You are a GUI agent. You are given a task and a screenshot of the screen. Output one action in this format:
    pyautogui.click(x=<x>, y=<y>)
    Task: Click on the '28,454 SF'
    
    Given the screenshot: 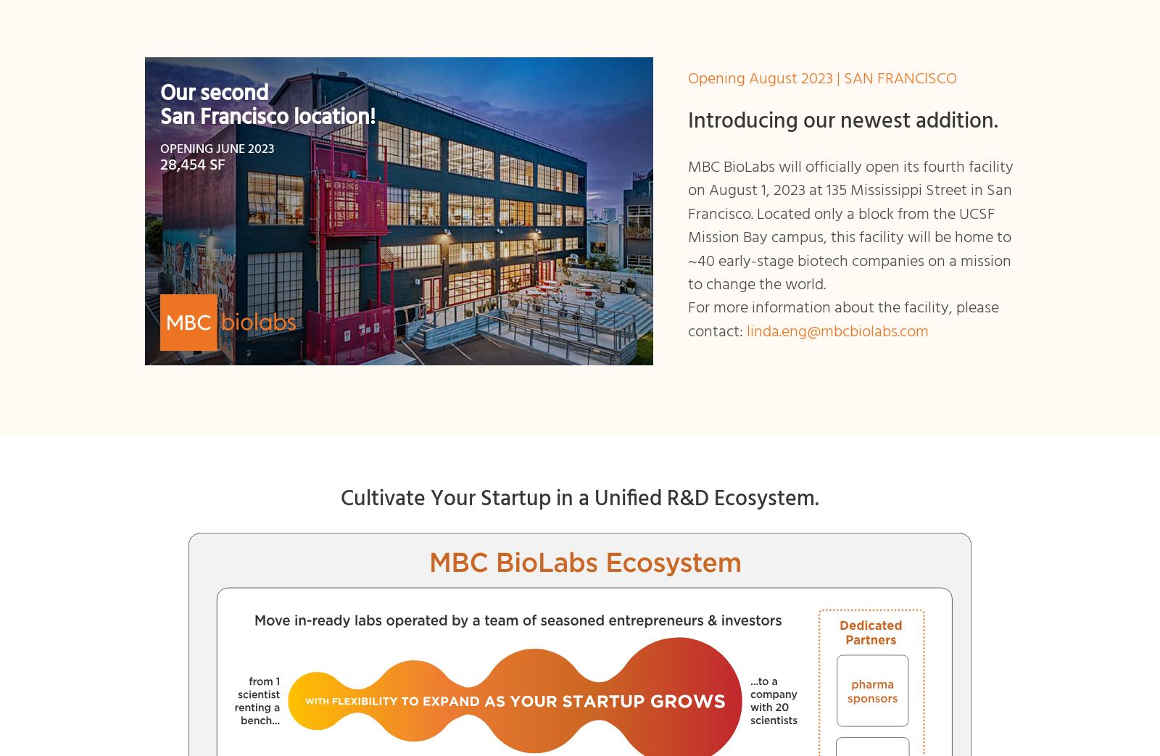 What is the action you would take?
    pyautogui.click(x=193, y=162)
    